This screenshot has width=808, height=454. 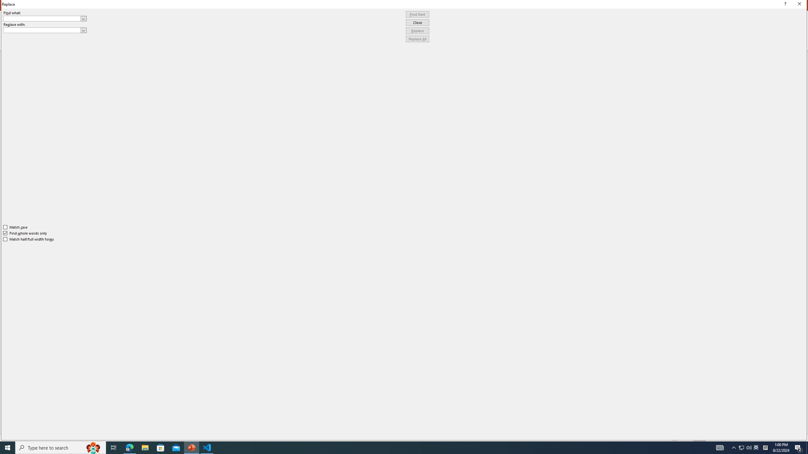 I want to click on 'Match case', so click(x=15, y=227).